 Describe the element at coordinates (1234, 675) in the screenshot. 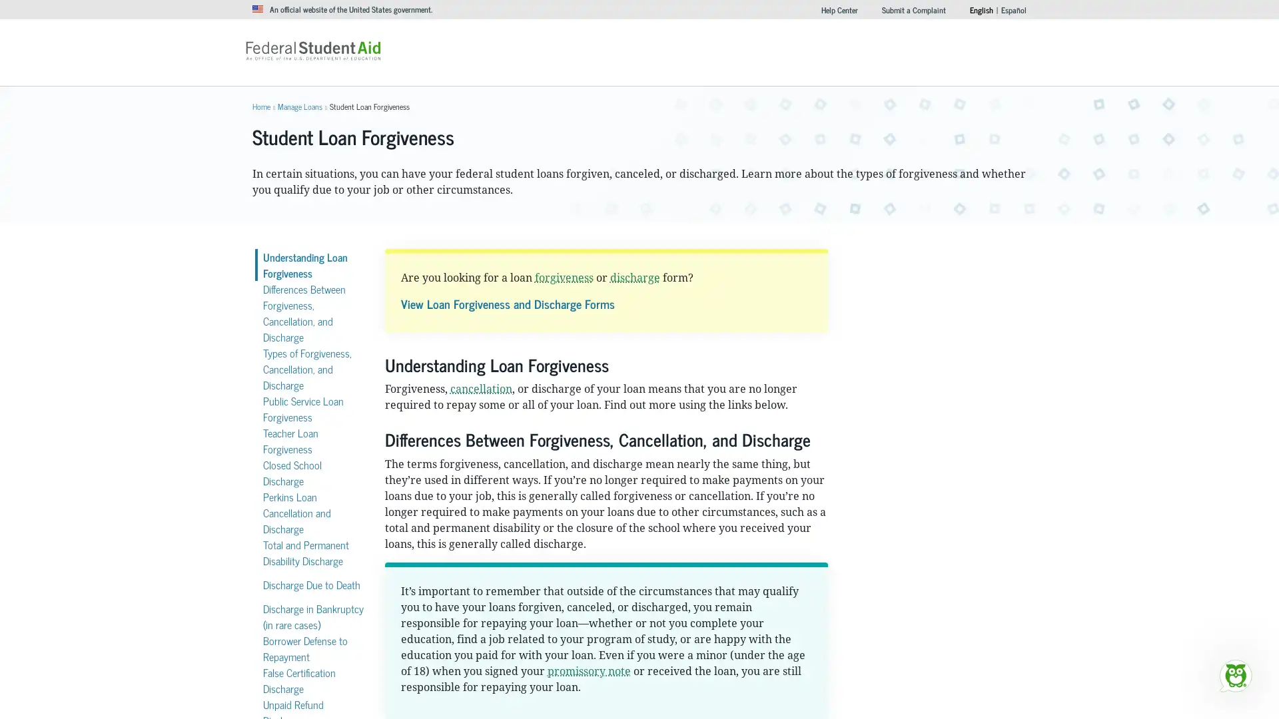

I see `Initiate Chat` at that location.